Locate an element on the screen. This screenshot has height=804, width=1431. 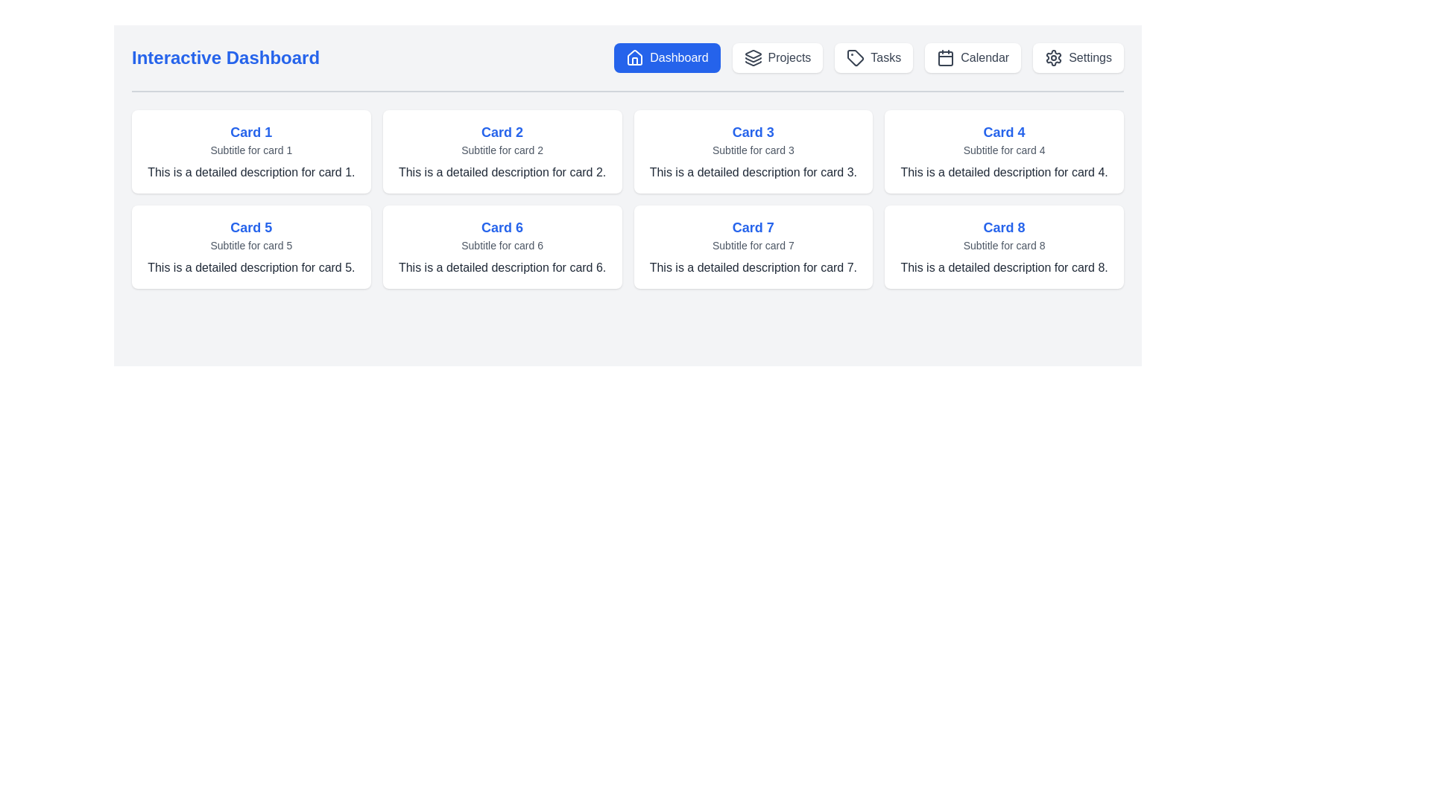
the text label displaying 'Projects' in the navigation bar, which is the second clickable section from the left, following the 'Dashboard' button is located at coordinates (789, 57).